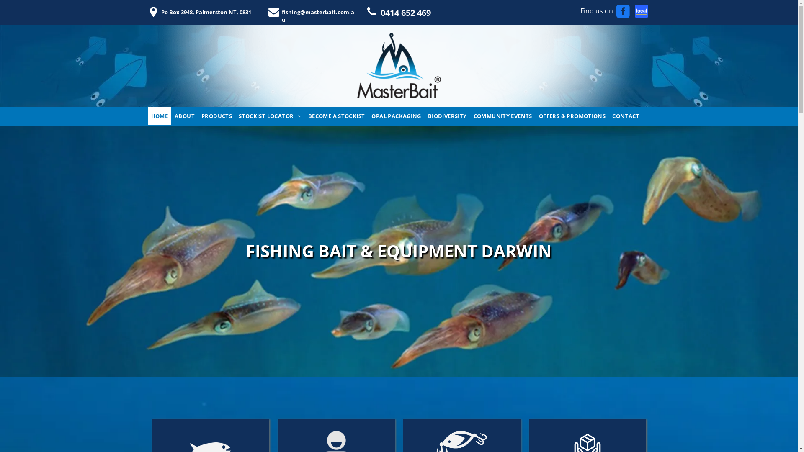 The image size is (804, 452). Describe the element at coordinates (216, 116) in the screenshot. I see `'PRODUCTS'` at that location.